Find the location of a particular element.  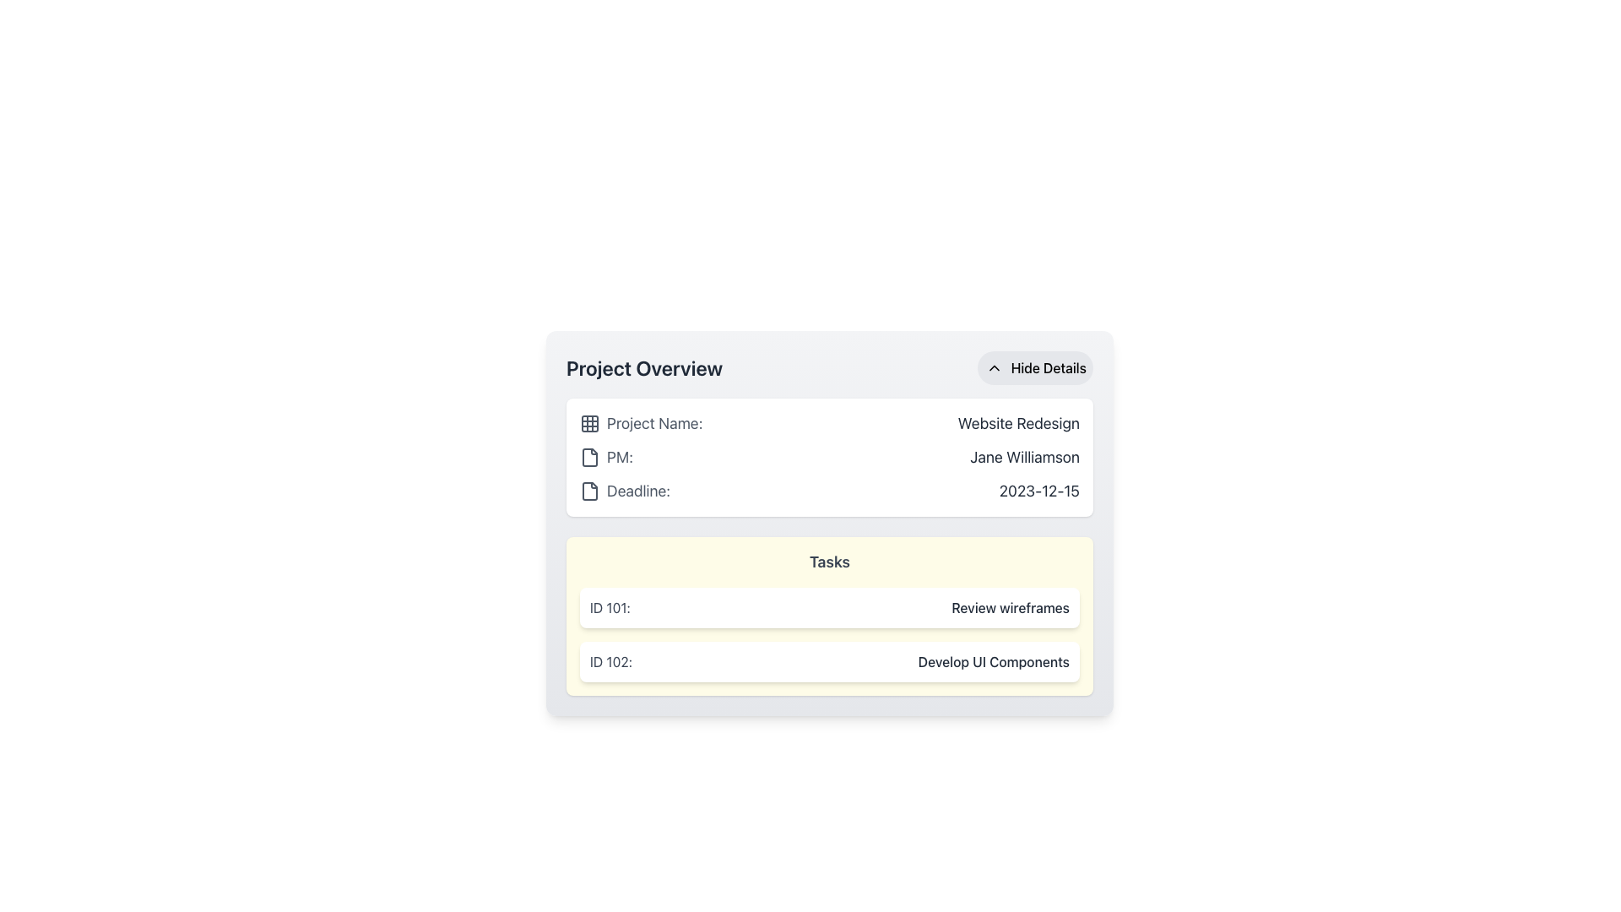

the Text Label displaying the project manager's name located in the 'Project Overview' card next to the 'PM:' label is located at coordinates (1024, 458).